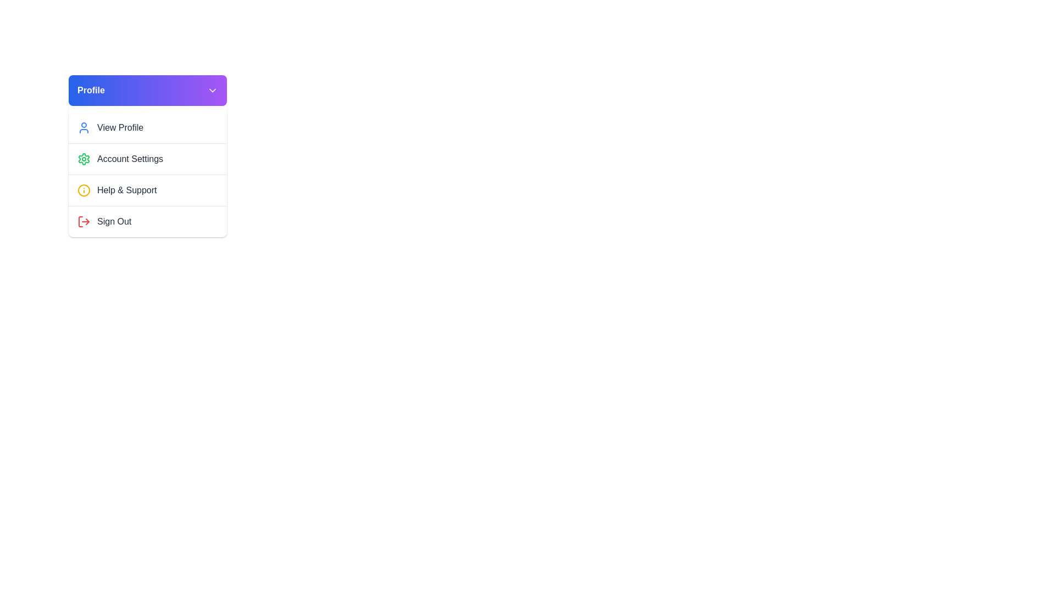  I want to click on the blue-tinted circular icon of a human figure located leftmost in the 'View Profile' option under the 'Profile' dropdown menu, so click(84, 127).